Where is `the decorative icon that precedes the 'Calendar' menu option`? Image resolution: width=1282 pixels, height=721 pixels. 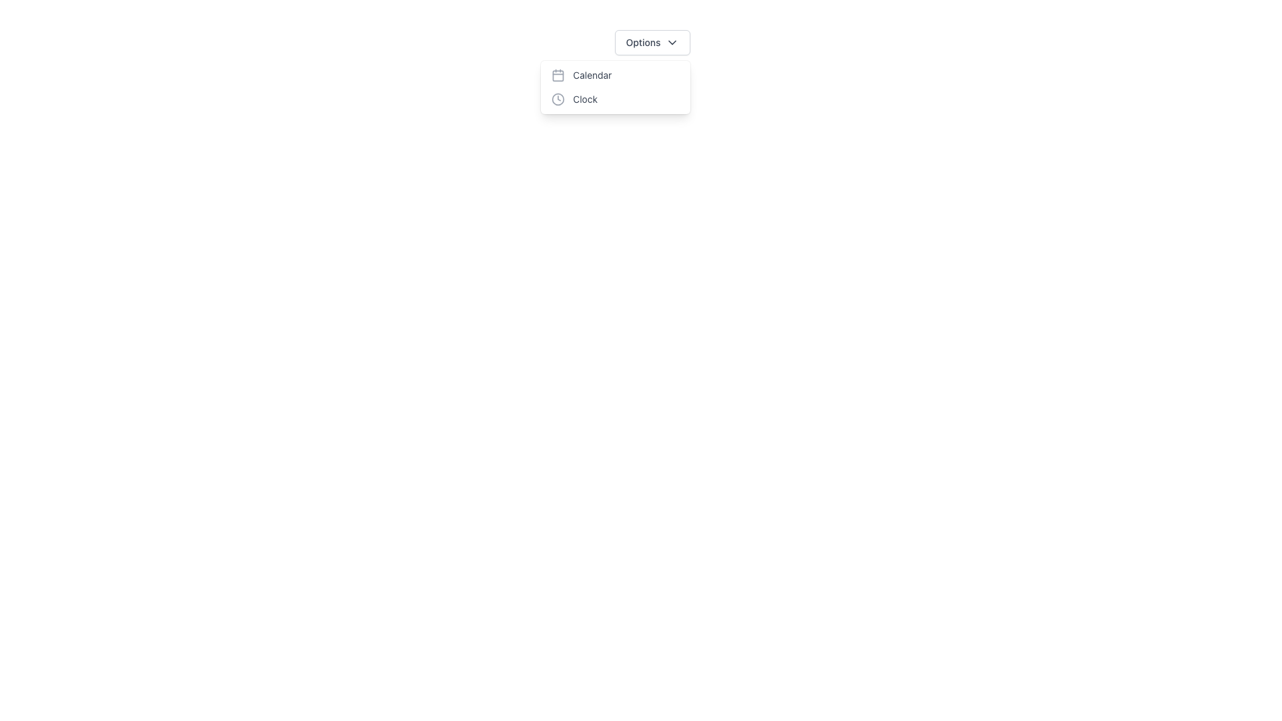 the decorative icon that precedes the 'Calendar' menu option is located at coordinates (558, 75).